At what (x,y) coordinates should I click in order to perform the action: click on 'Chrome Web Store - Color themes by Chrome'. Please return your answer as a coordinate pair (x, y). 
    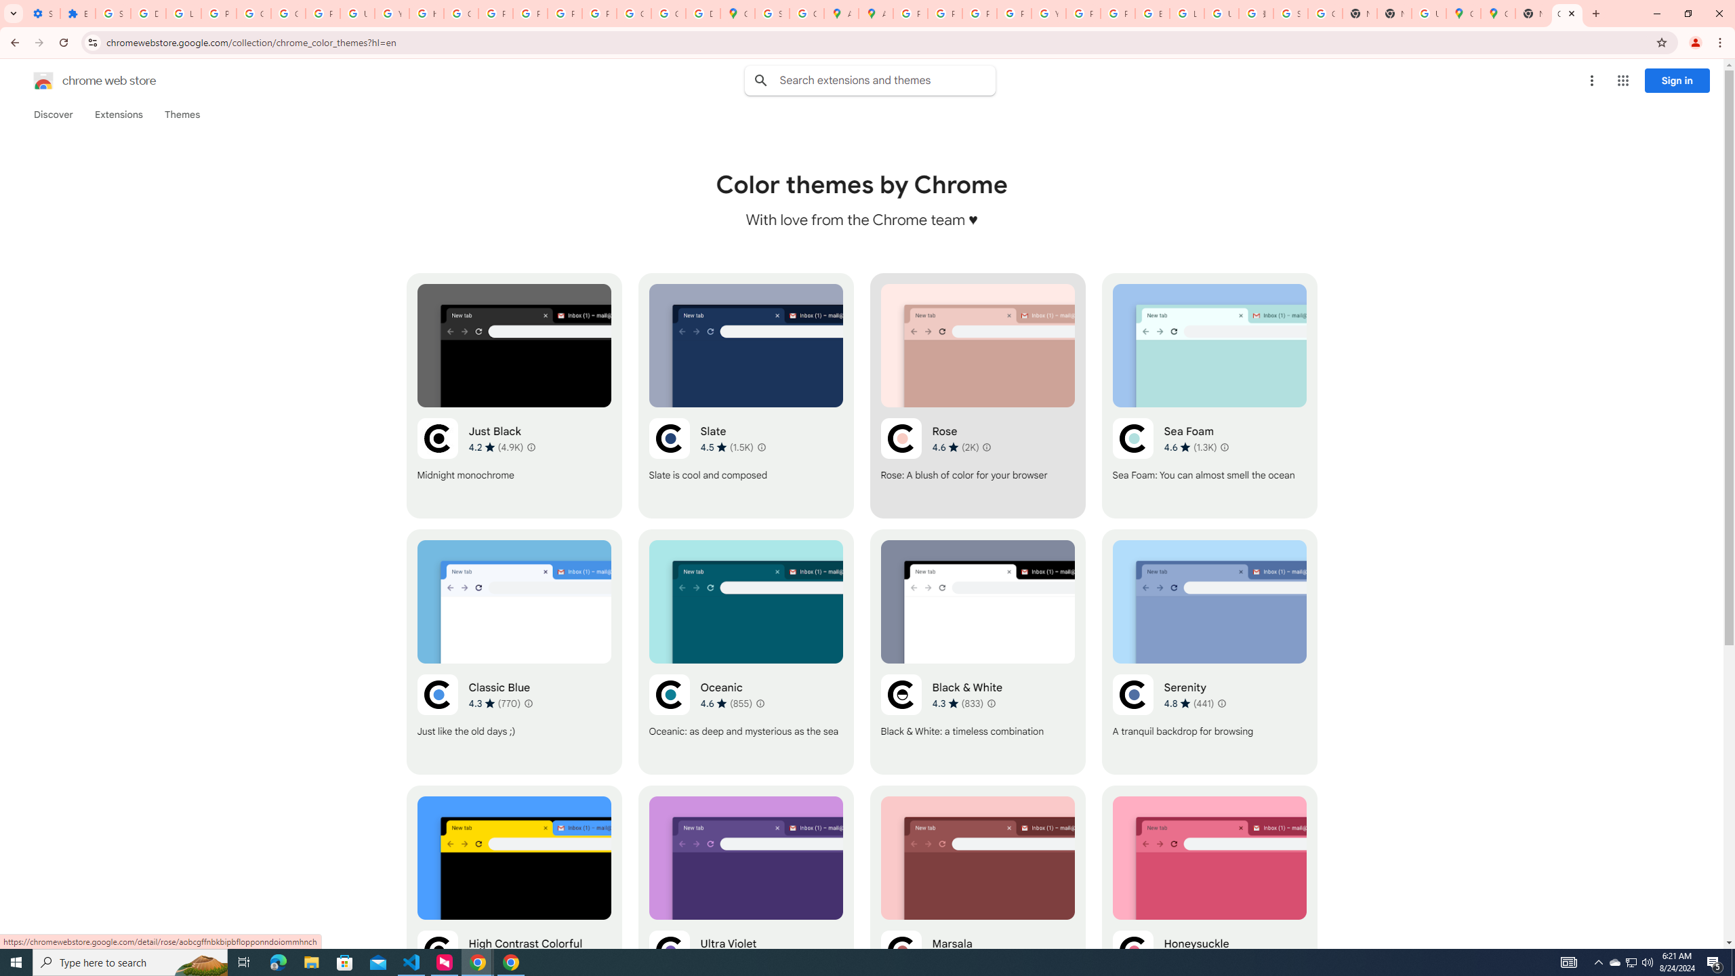
    Looking at the image, I should click on (1566, 13).